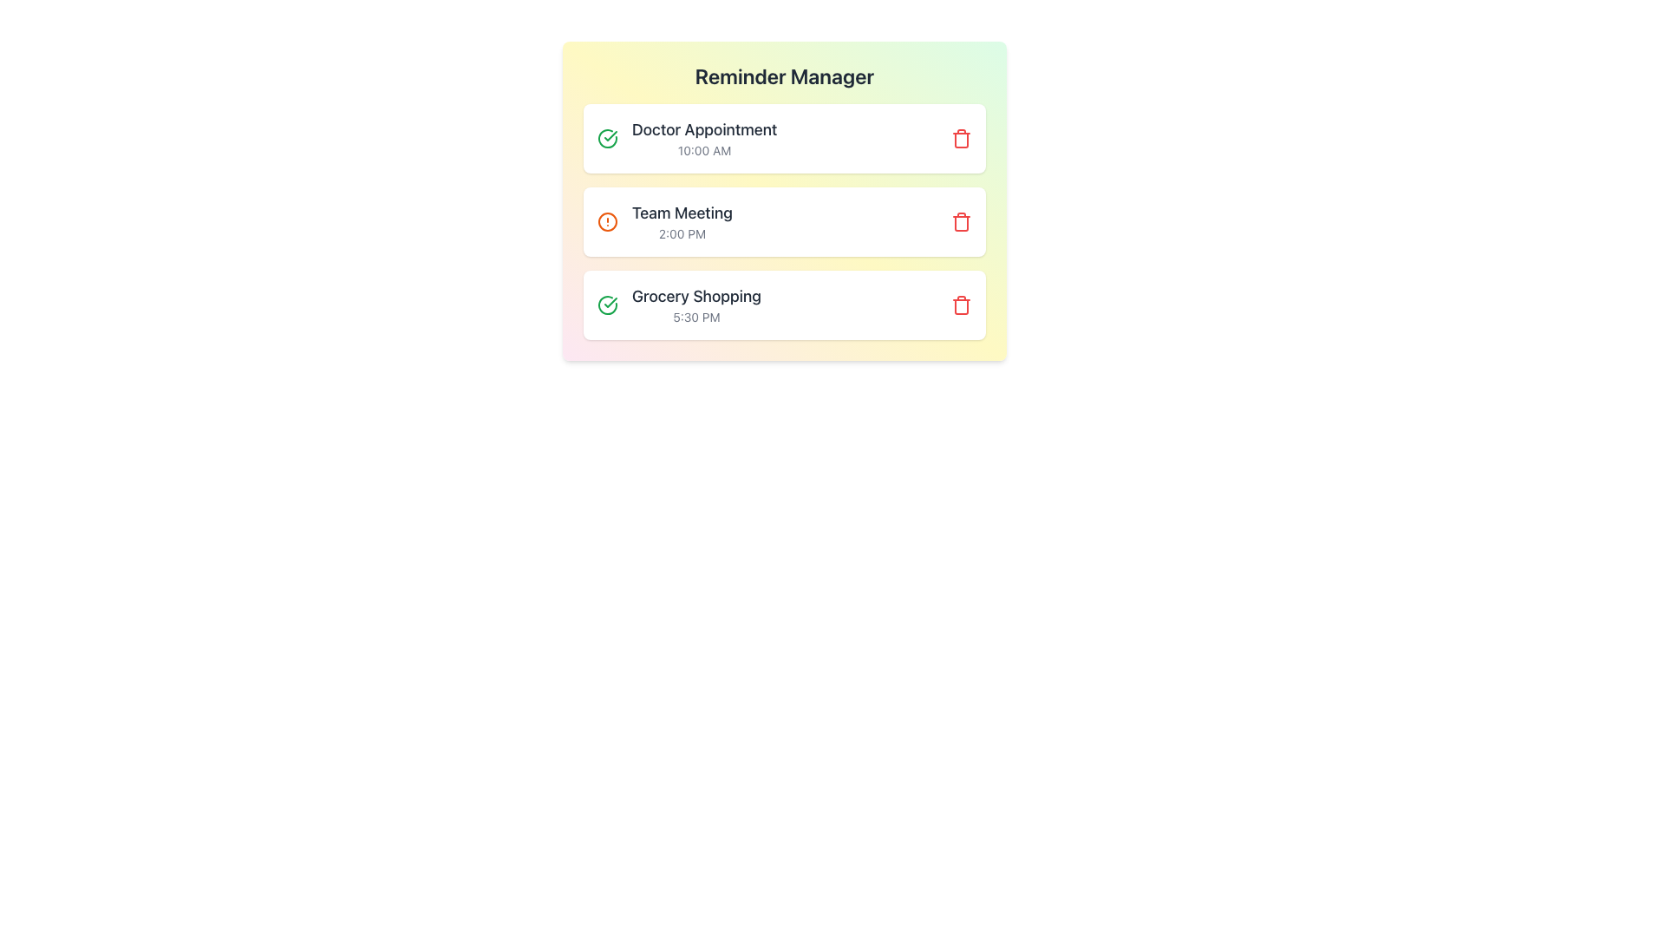 The height and width of the screenshot is (937, 1665). Describe the element at coordinates (682, 234) in the screenshot. I see `the static text label displaying the time '2:00 PM' which is part of the second item in a vertical list of reminders, located below the title 'Team Meeting'` at that location.